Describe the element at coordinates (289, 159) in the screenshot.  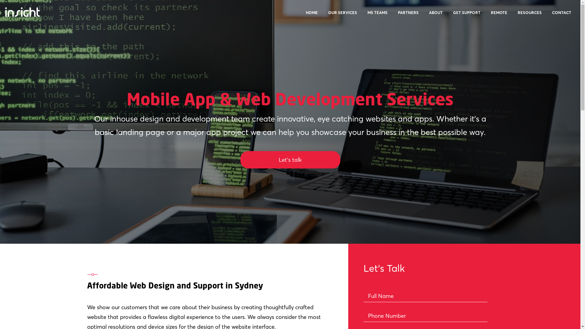
I see `'Let's talk'` at that location.